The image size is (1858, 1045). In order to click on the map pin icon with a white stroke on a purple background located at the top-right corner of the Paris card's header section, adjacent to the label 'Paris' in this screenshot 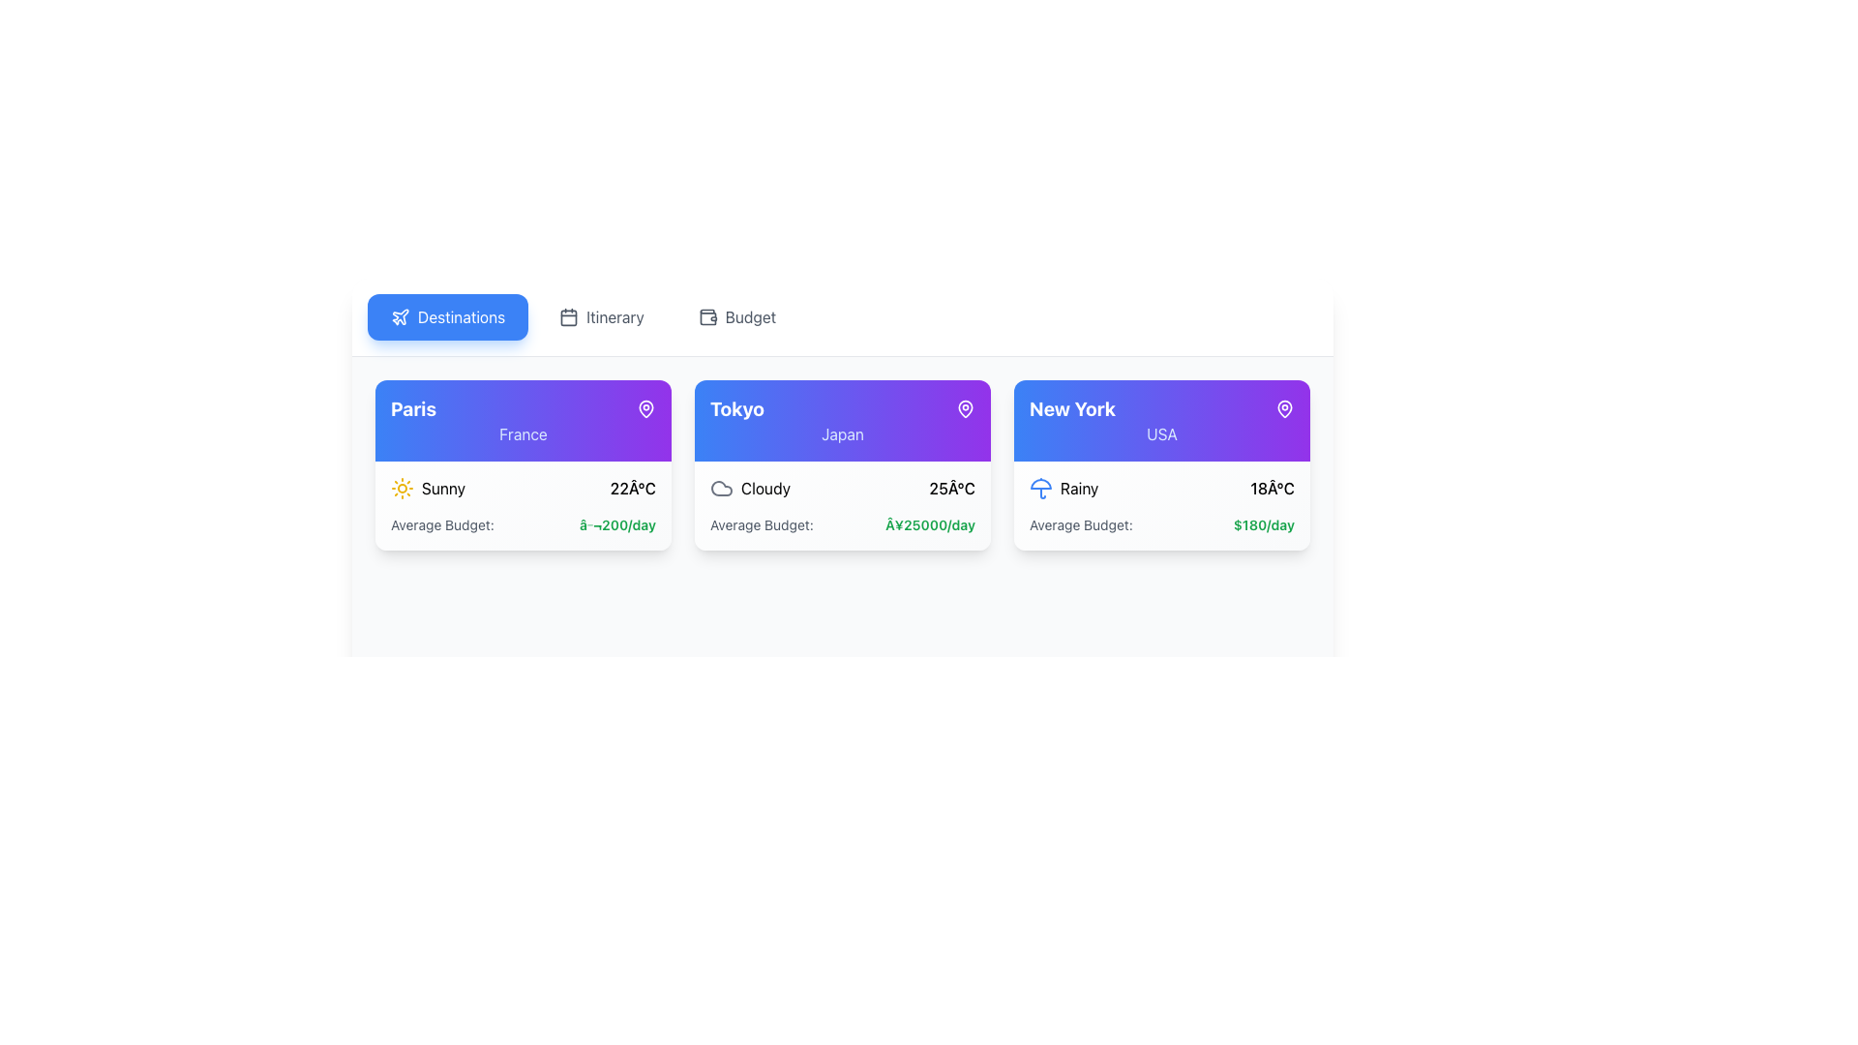, I will do `click(645, 408)`.